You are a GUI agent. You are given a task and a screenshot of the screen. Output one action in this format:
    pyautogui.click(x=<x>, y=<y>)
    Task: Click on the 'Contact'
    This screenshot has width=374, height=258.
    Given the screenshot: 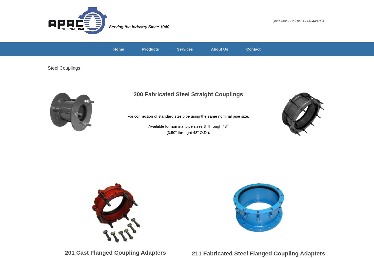 What is the action you would take?
    pyautogui.click(x=253, y=49)
    